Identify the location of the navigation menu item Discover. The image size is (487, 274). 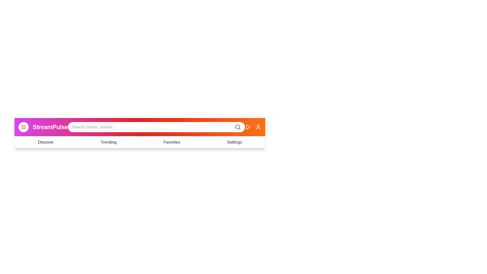
(46, 142).